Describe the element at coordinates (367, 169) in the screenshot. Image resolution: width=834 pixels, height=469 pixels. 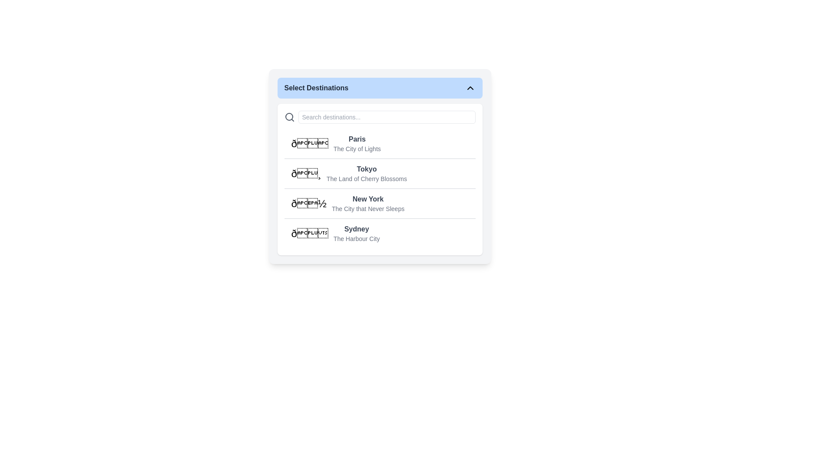
I see `the text label 'Tokyo', which is styled in bold gray font and serves as the main title in a list item within the dropdown box labeled 'Select Destinations'` at that location.